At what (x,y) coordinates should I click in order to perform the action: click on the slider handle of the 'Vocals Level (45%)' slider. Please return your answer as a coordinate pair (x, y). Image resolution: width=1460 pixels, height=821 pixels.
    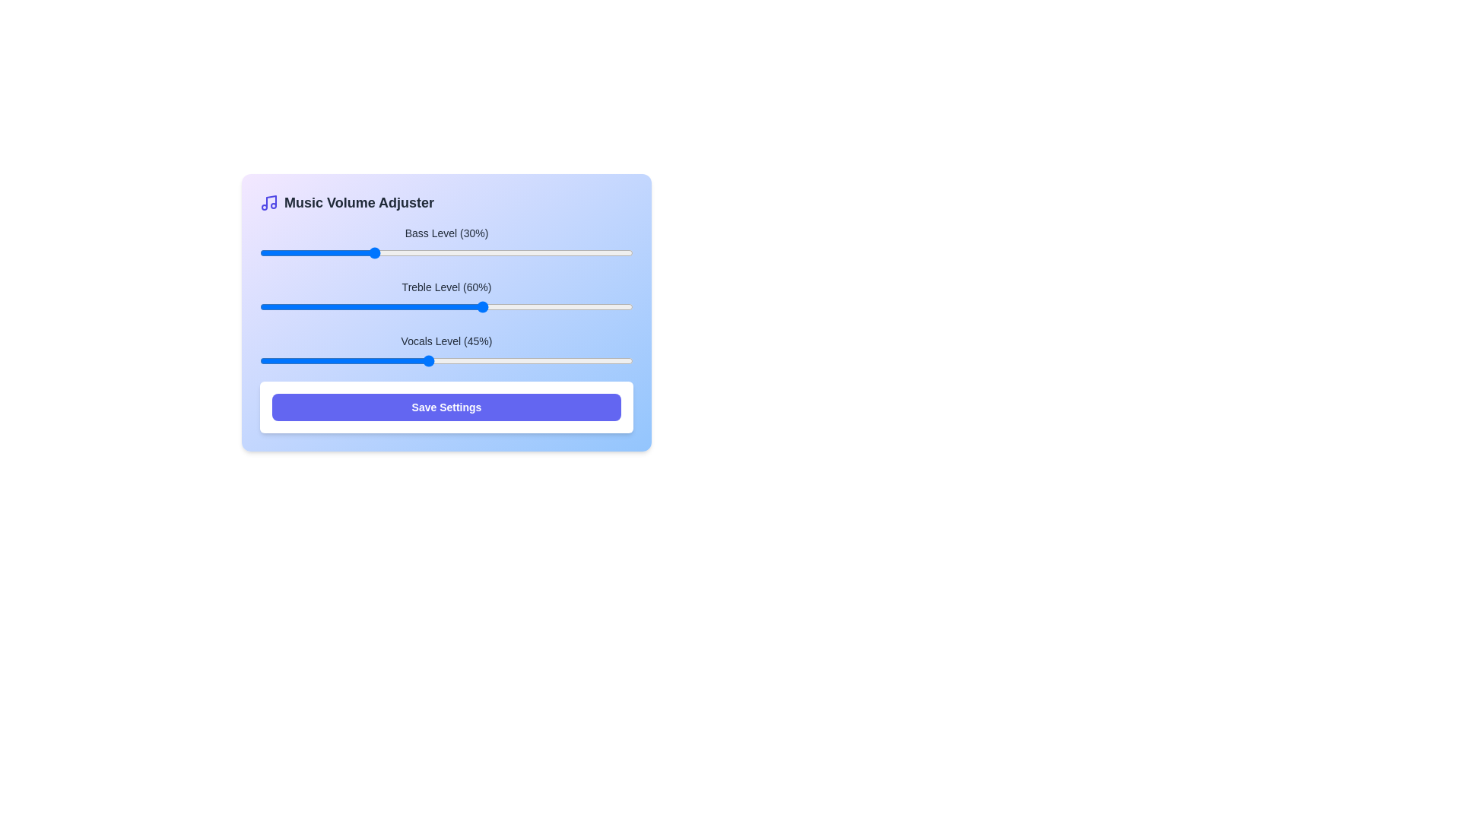
    Looking at the image, I should click on (446, 351).